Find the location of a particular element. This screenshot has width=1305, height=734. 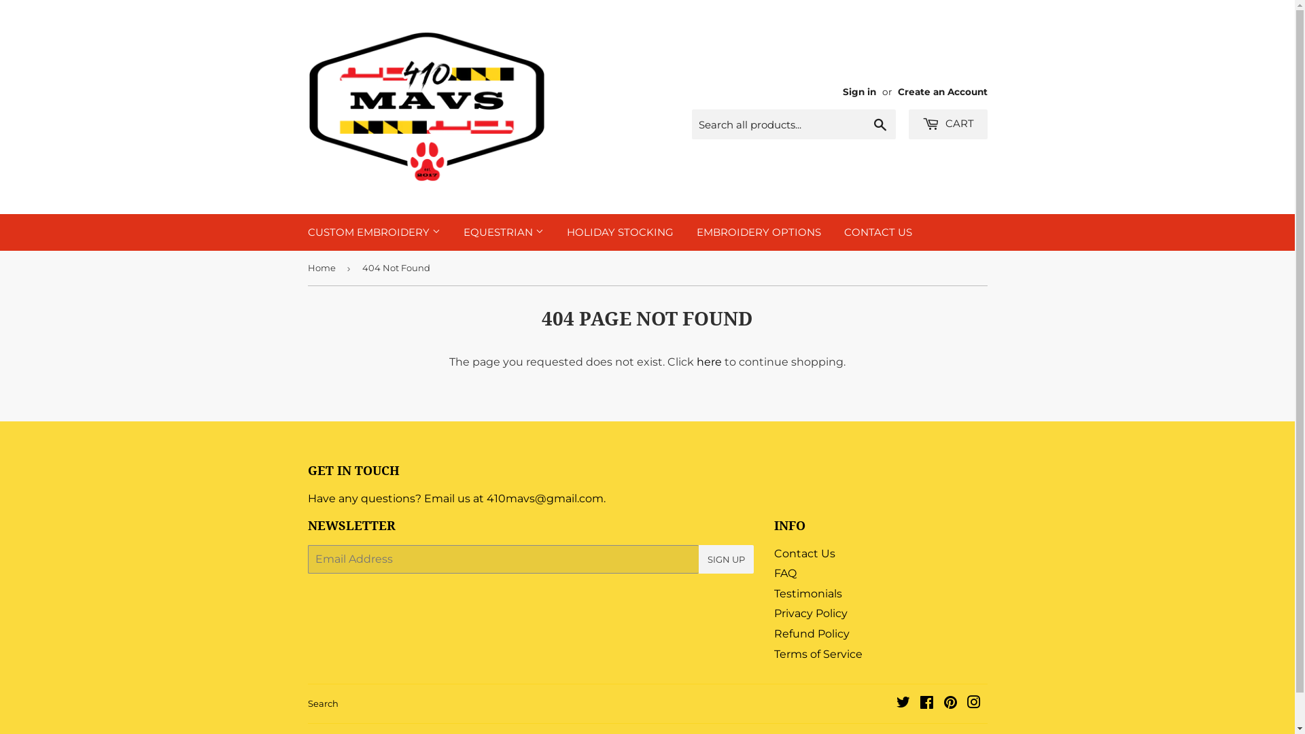

'SIGN UP' is located at coordinates (725, 559).